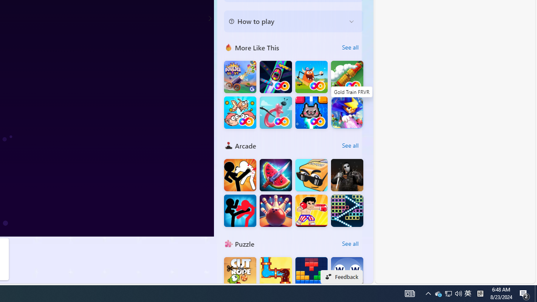 This screenshot has height=302, width=537. I want to click on 'Kitten Force FRVR', so click(311, 112).